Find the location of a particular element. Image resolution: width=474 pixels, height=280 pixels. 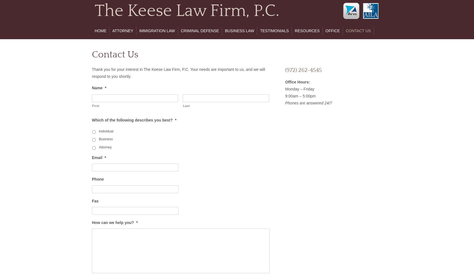

'Business' is located at coordinates (105, 139).